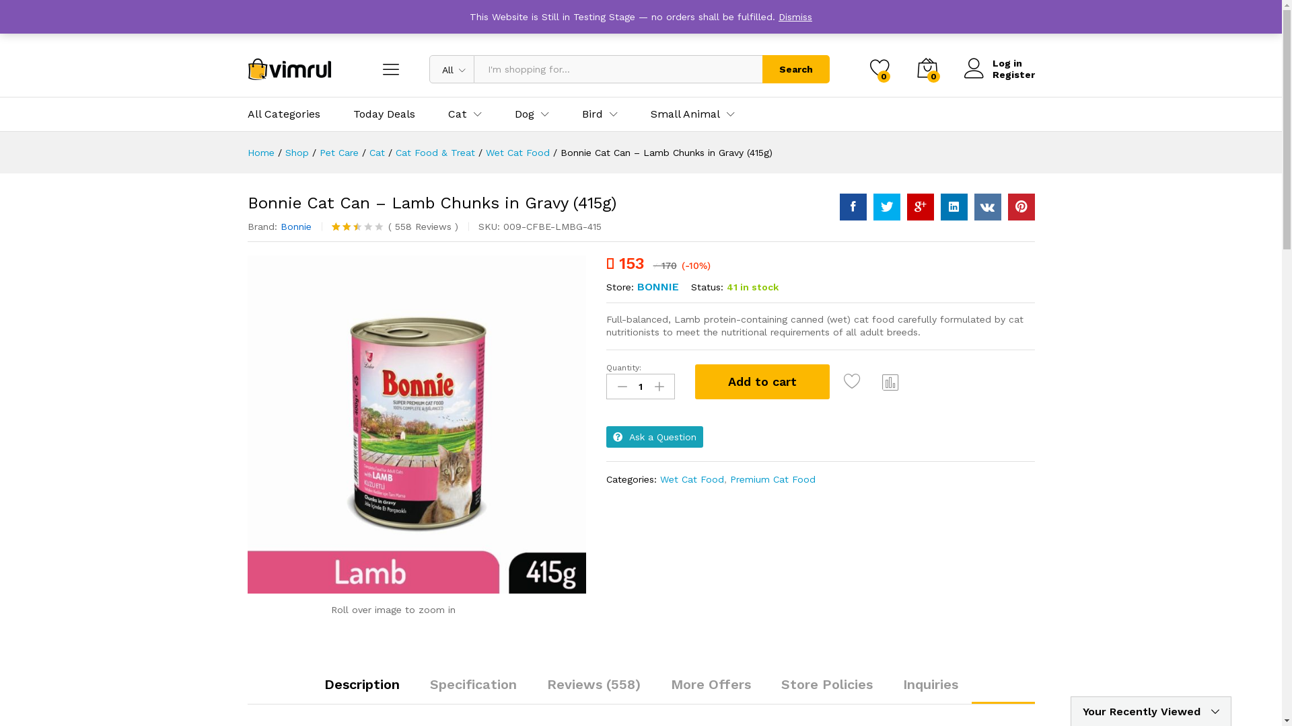  What do you see at coordinates (795, 69) in the screenshot?
I see `'Search'` at bounding box center [795, 69].